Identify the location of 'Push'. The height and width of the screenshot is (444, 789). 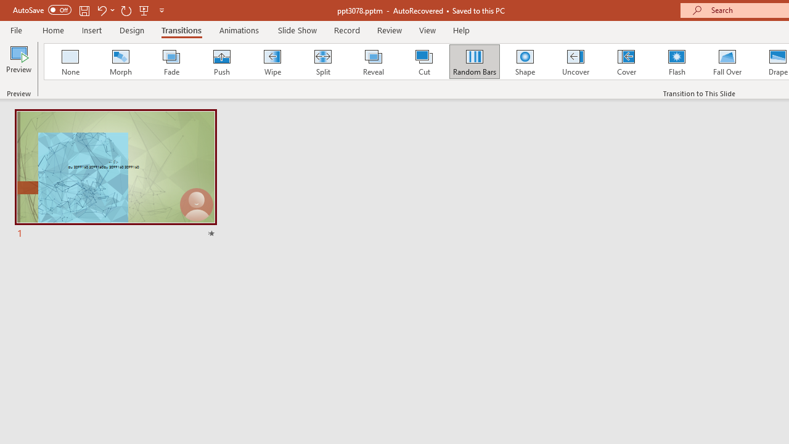
(221, 62).